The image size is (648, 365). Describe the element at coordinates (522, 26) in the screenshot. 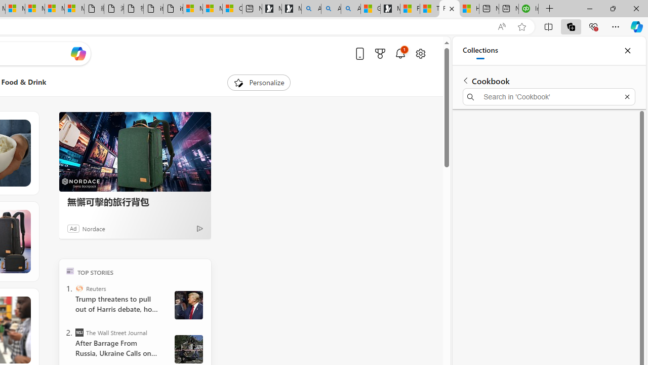

I see `'Add this page to favorites (Ctrl+D)'` at that location.